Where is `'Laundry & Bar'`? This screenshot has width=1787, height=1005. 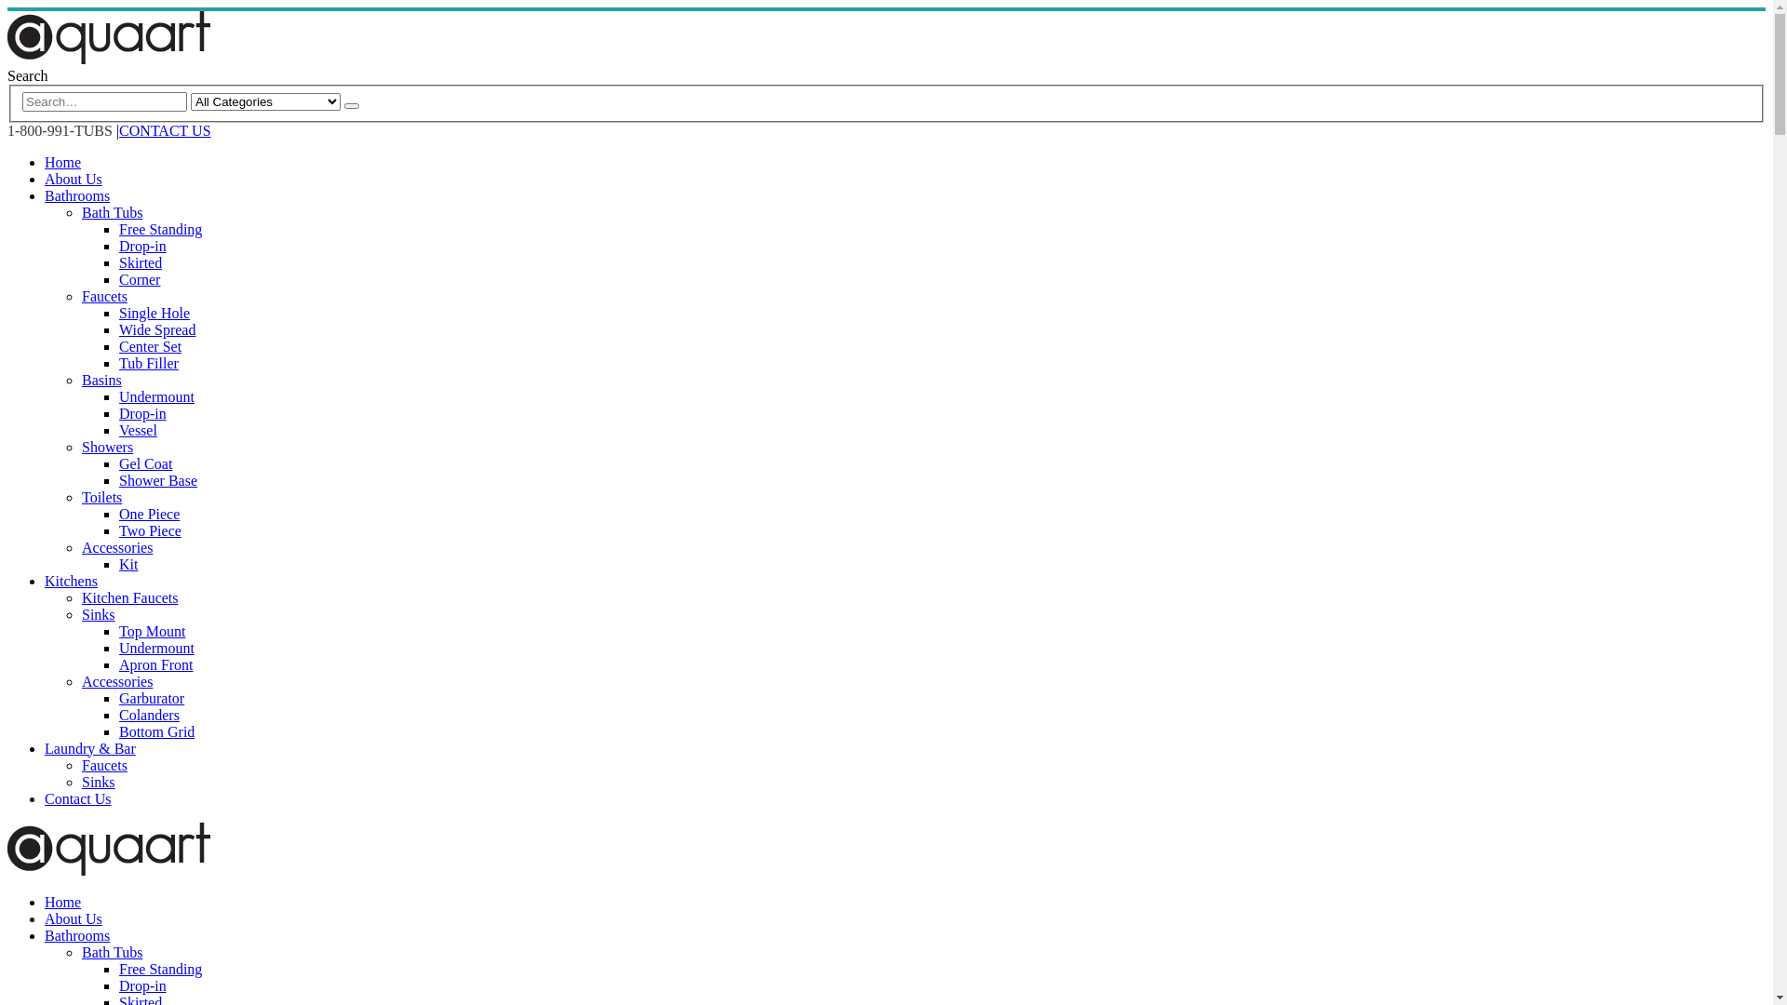
'Laundry & Bar' is located at coordinates (88, 747).